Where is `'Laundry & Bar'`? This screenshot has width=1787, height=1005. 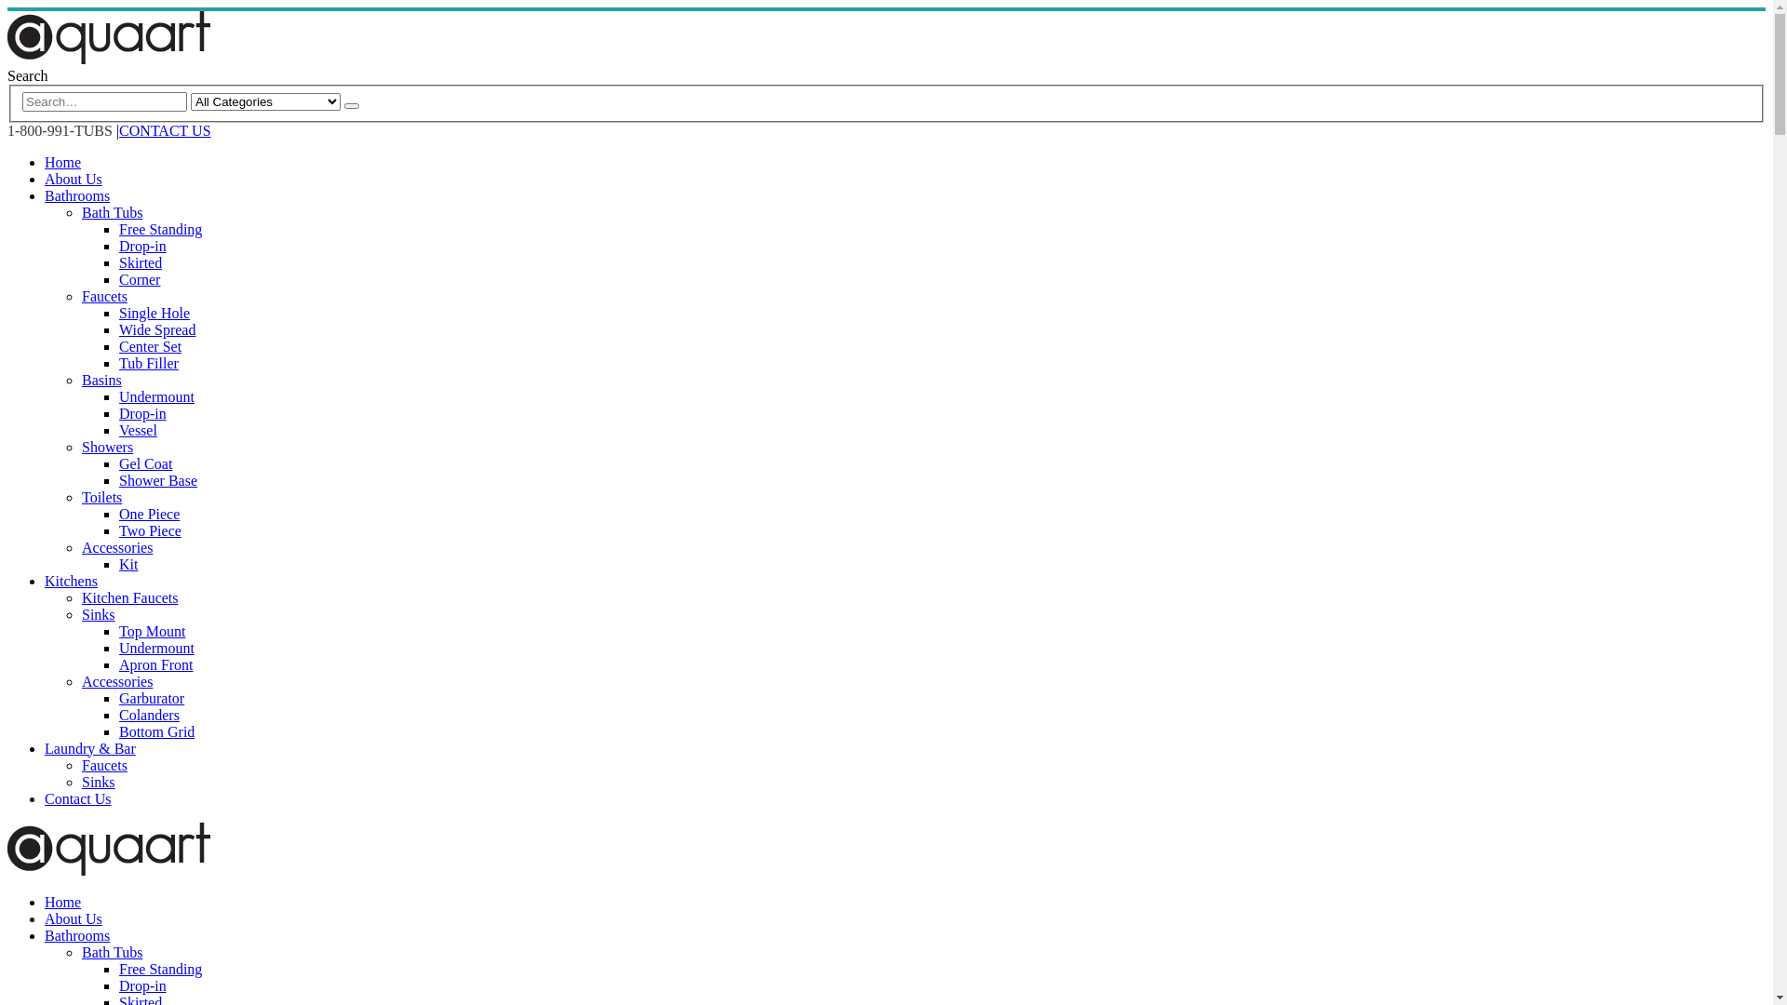
'Laundry & Bar' is located at coordinates (88, 747).